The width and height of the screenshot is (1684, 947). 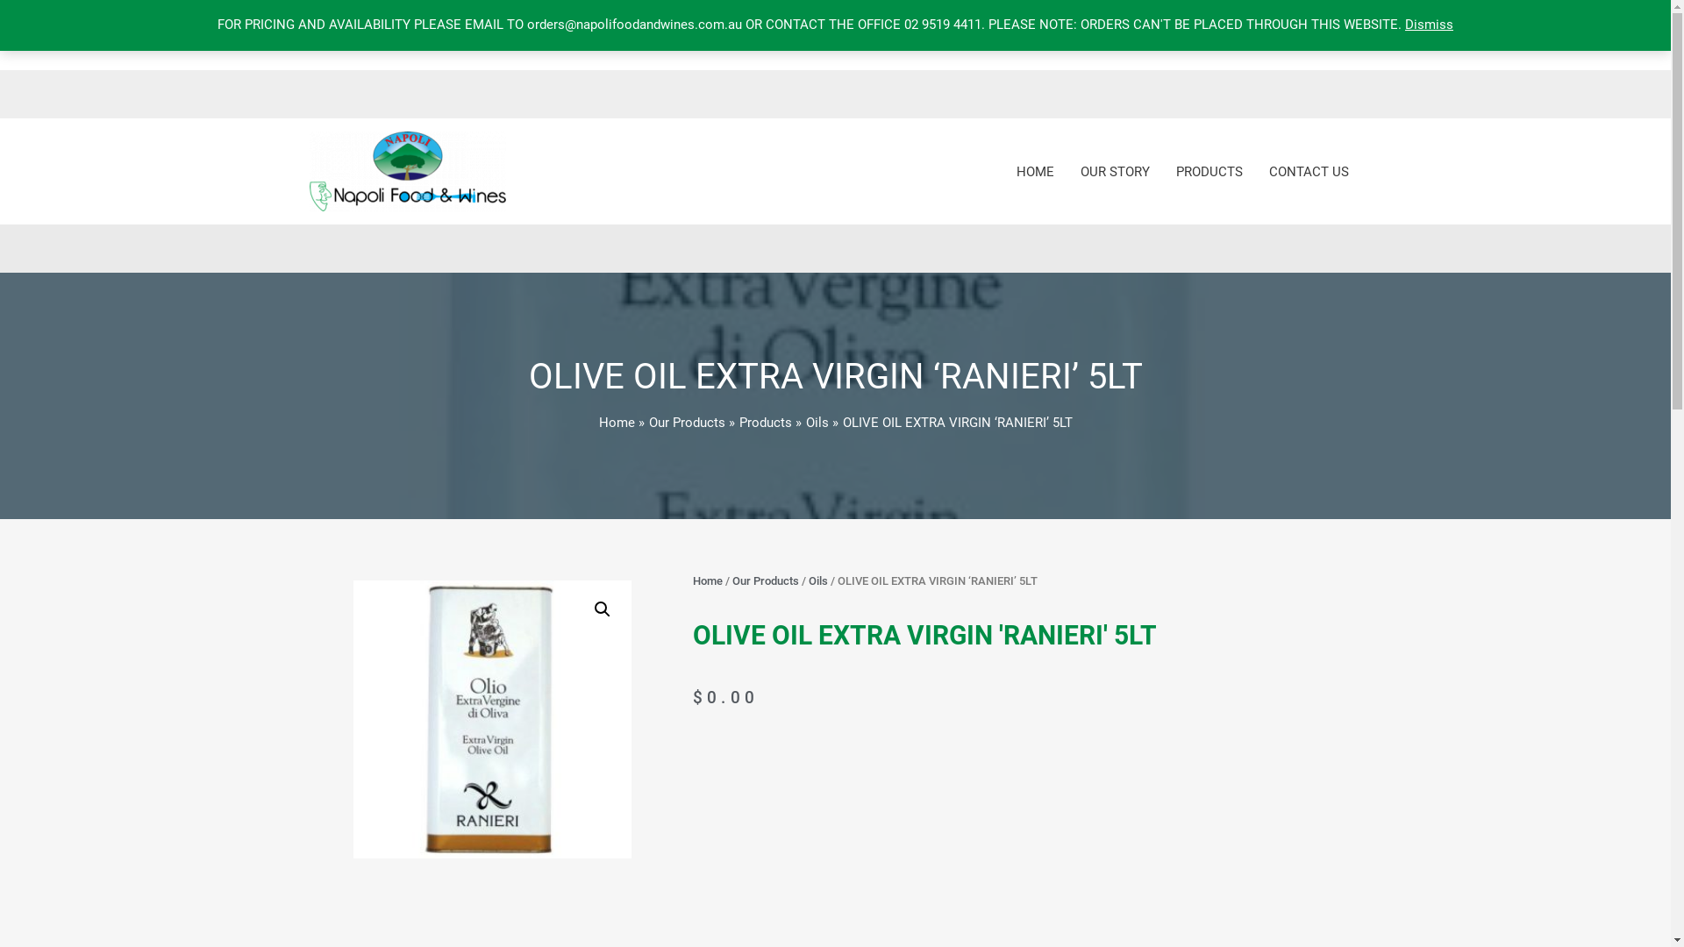 I want to click on 'Oils', so click(x=807, y=580).